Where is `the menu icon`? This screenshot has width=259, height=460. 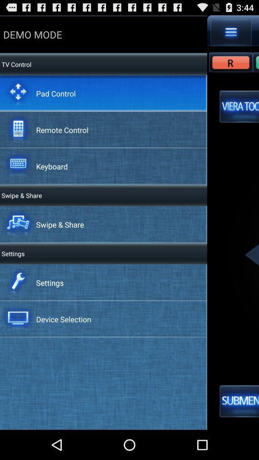
the menu icon is located at coordinates (231, 34).